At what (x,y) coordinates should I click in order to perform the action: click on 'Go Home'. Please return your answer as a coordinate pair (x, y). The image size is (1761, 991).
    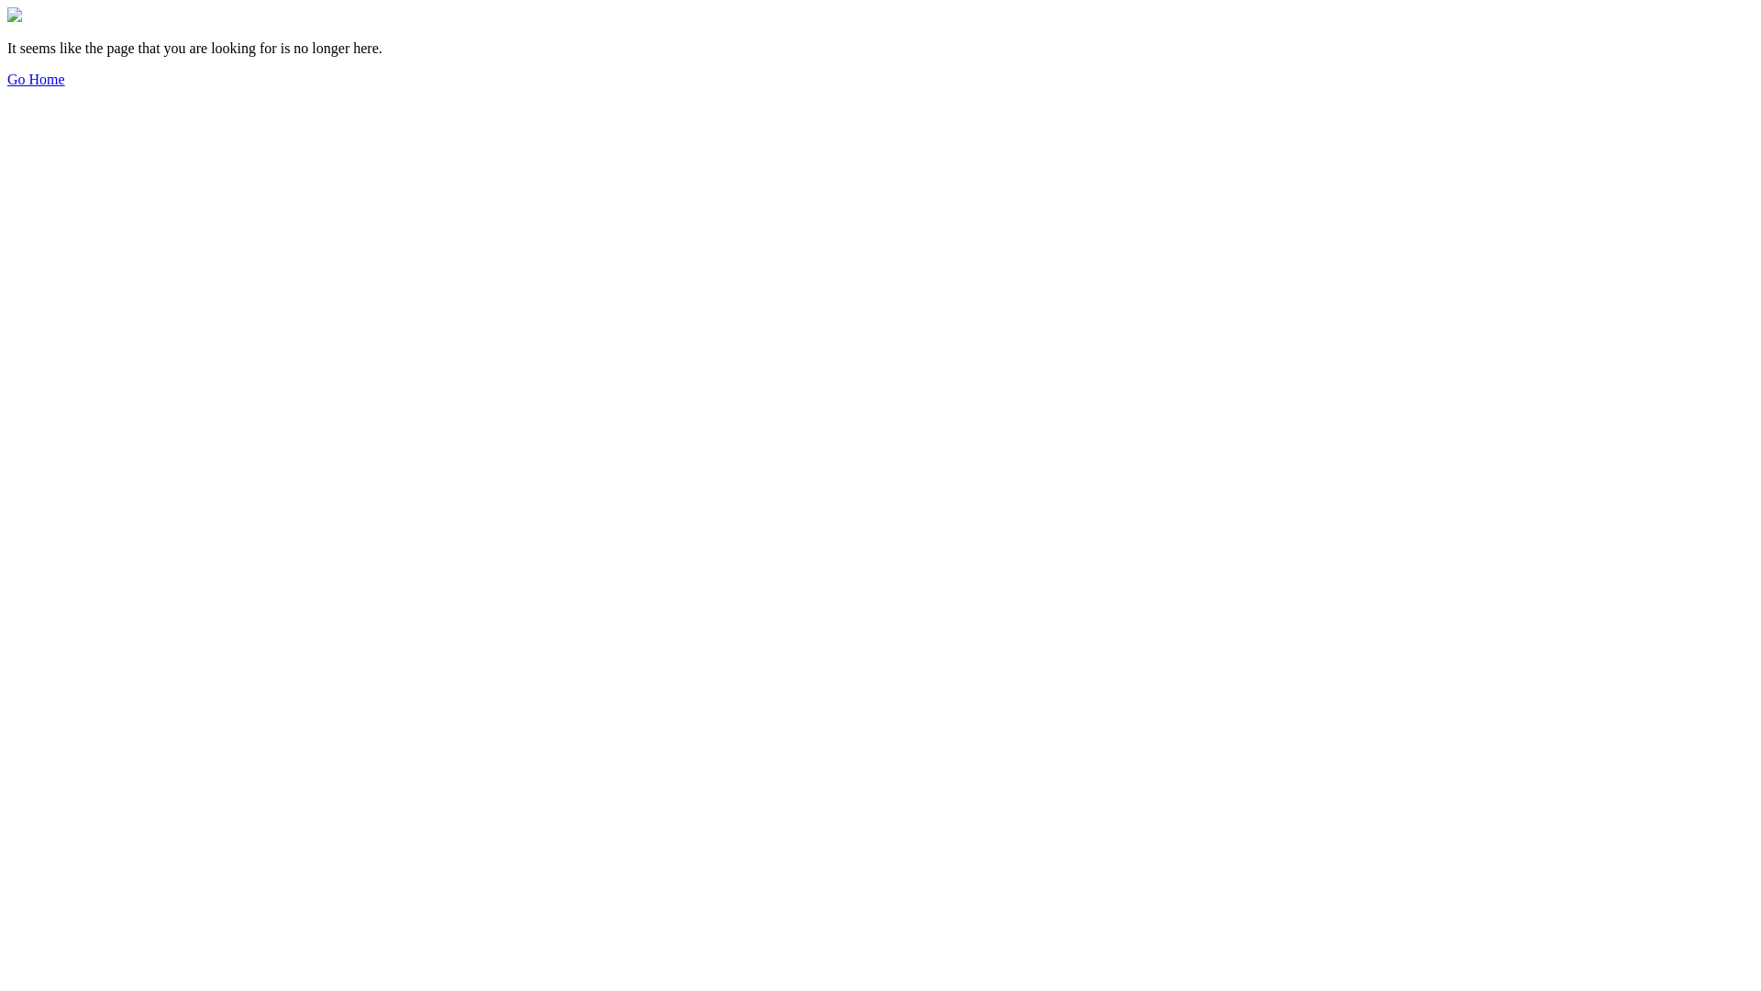
    Looking at the image, I should click on (36, 78).